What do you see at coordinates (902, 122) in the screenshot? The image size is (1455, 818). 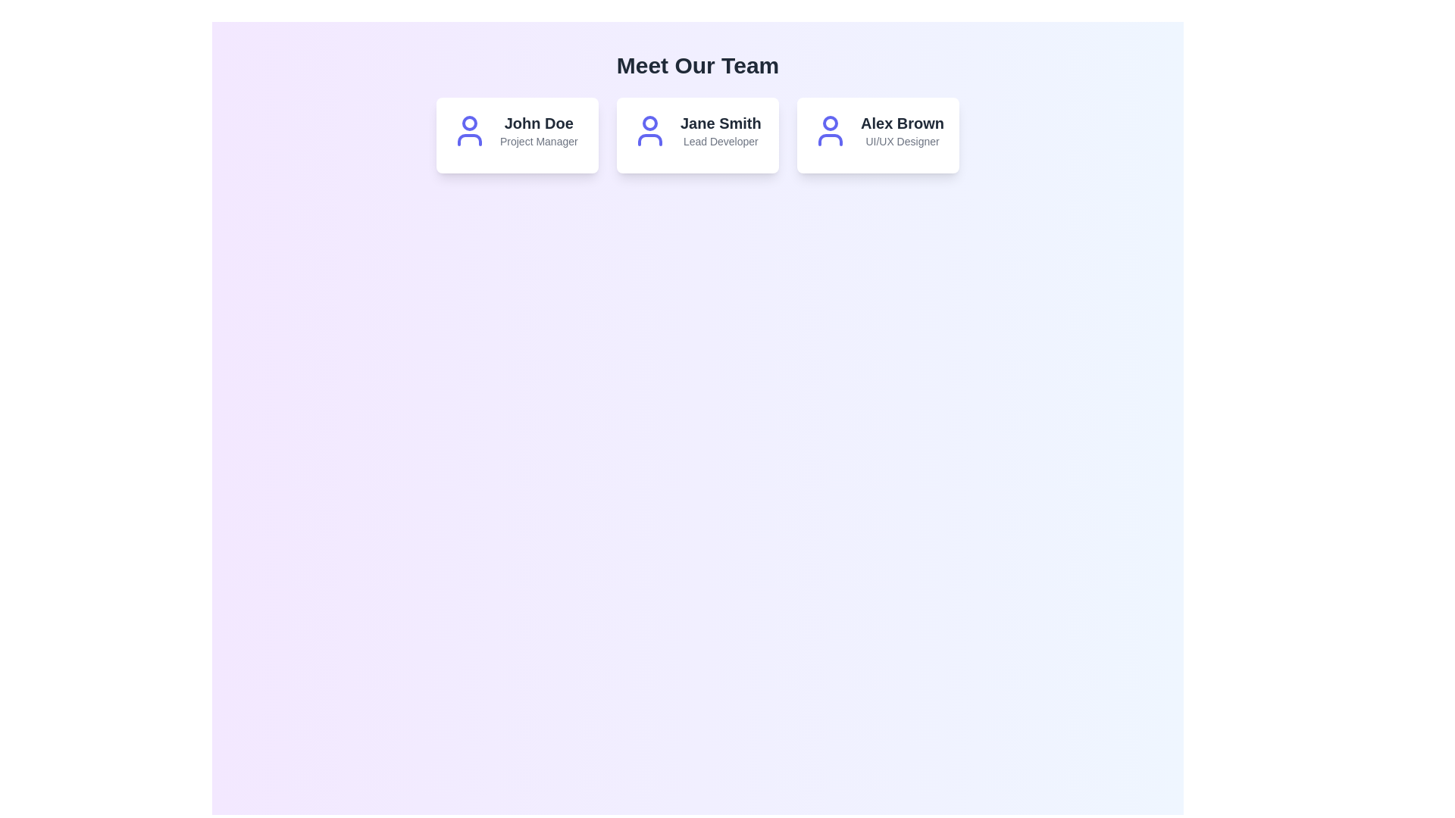 I see `text element displaying the name 'Alex Brown' located at the upper section of the rightmost user card under 'Meet Our Team'` at bounding box center [902, 122].